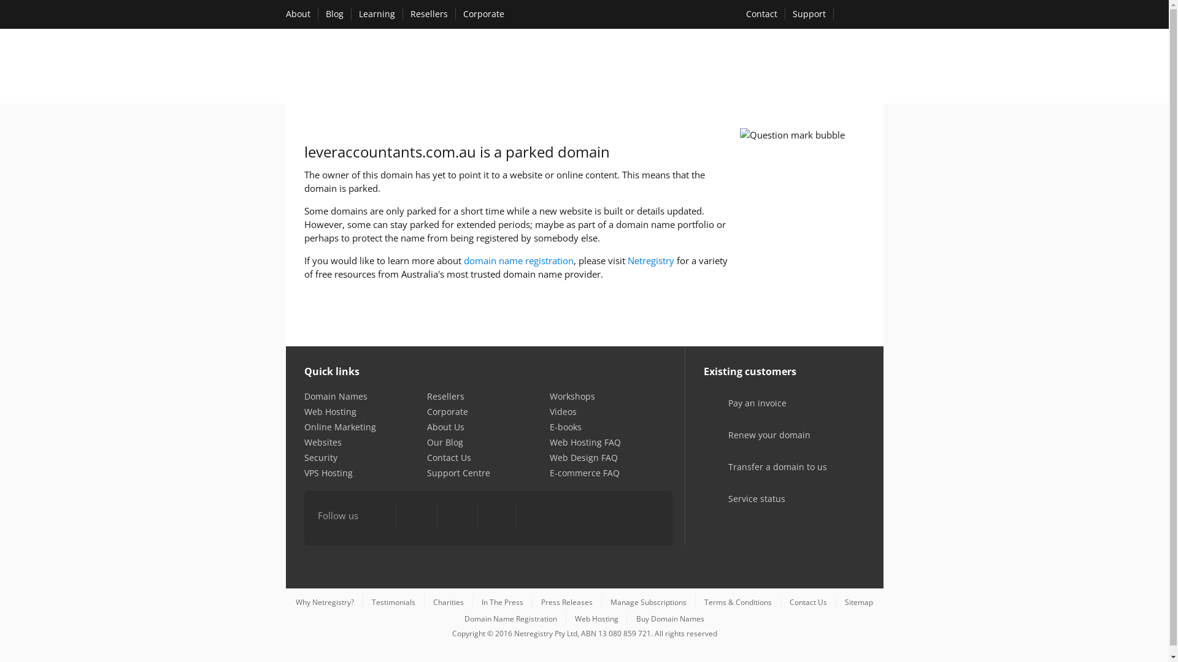 This screenshot has width=1178, height=662. Describe the element at coordinates (584, 472) in the screenshot. I see `'E-commerce FAQ'` at that location.